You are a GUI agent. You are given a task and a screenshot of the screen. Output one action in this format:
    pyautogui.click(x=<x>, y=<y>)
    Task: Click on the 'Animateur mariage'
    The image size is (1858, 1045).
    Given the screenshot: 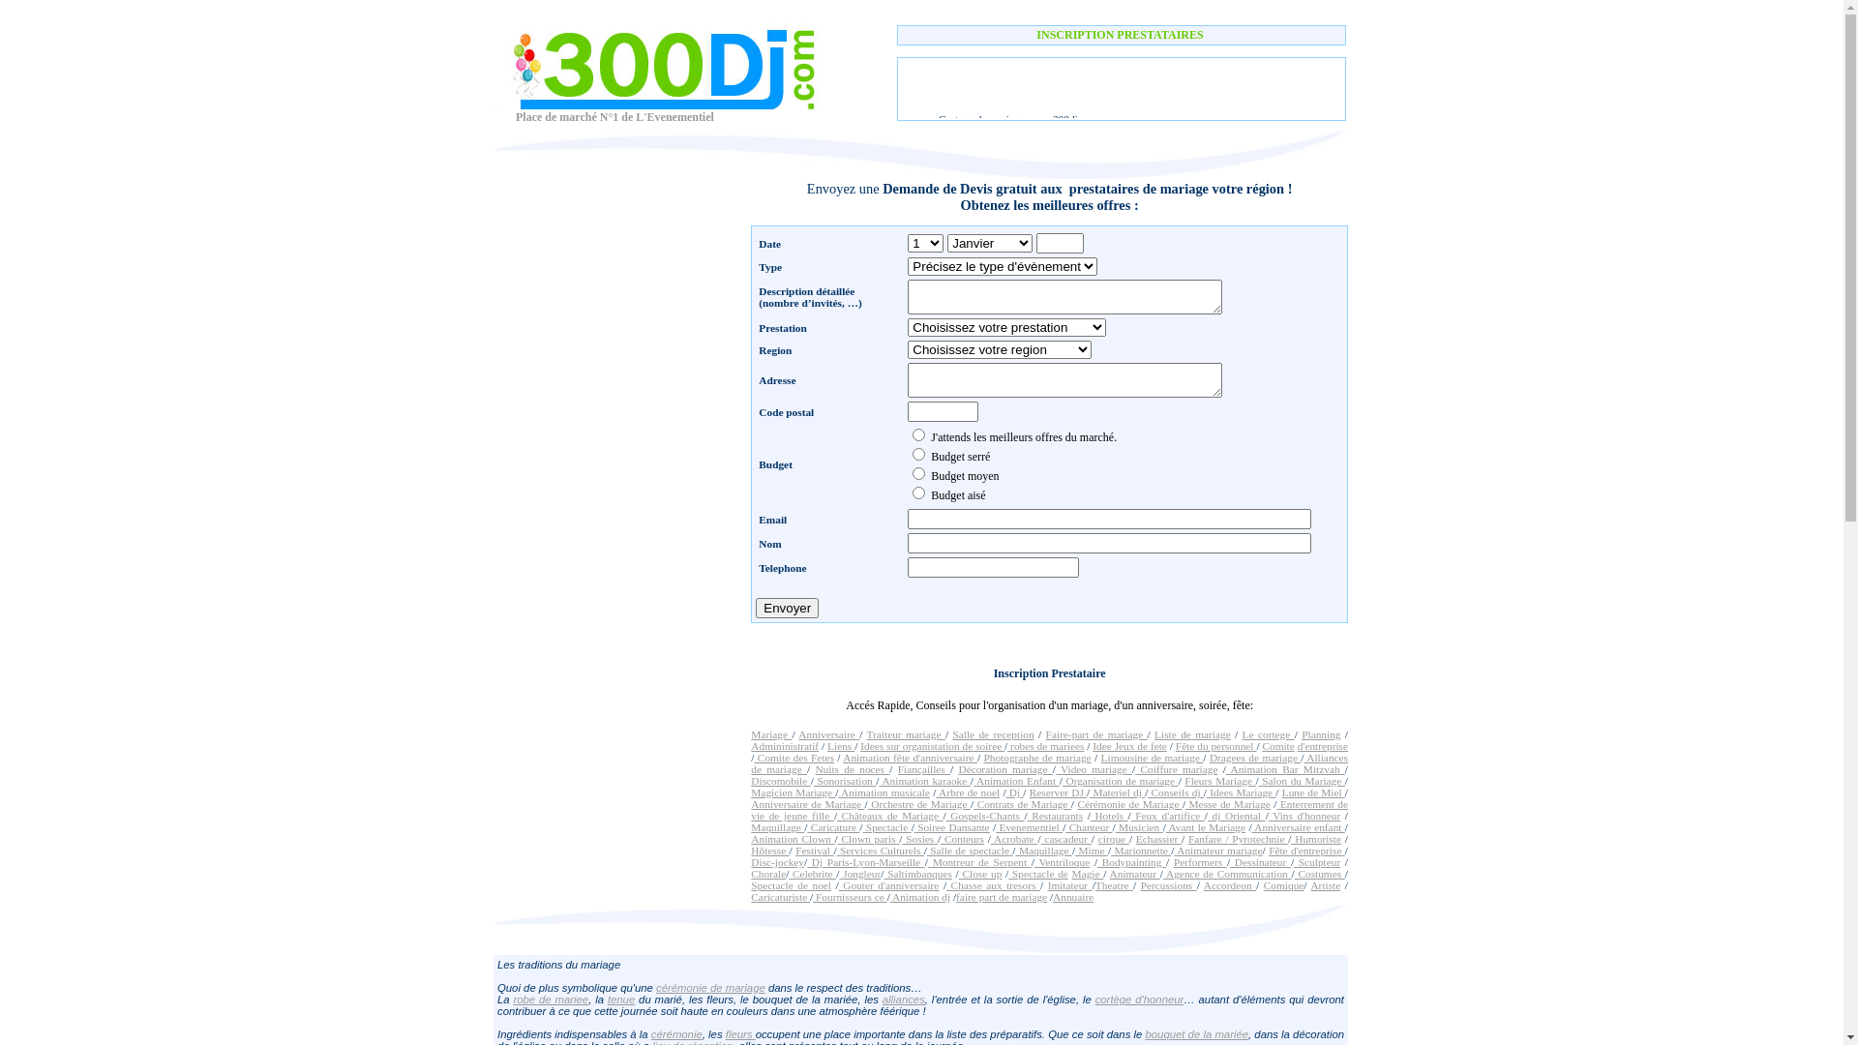 What is the action you would take?
    pyautogui.click(x=1216, y=850)
    